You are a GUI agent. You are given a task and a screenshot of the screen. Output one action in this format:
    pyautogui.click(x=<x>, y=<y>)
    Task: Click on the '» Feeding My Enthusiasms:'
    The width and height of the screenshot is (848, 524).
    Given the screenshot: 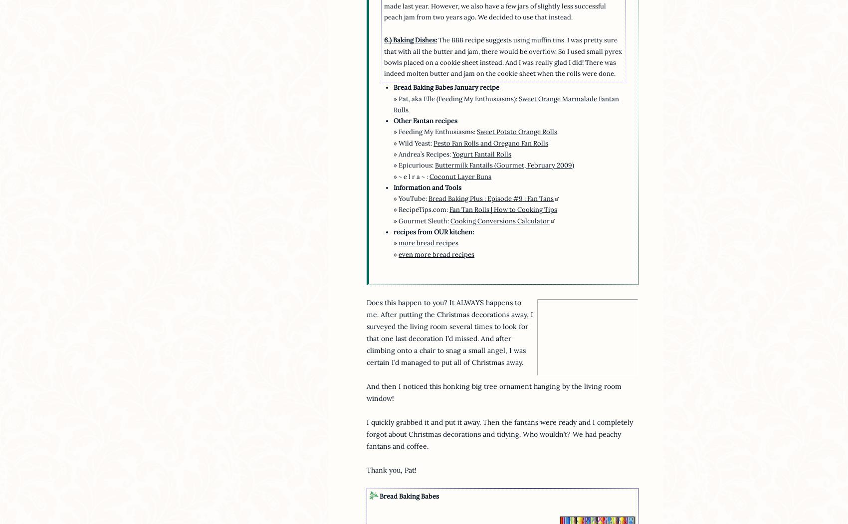 What is the action you would take?
    pyautogui.click(x=435, y=132)
    